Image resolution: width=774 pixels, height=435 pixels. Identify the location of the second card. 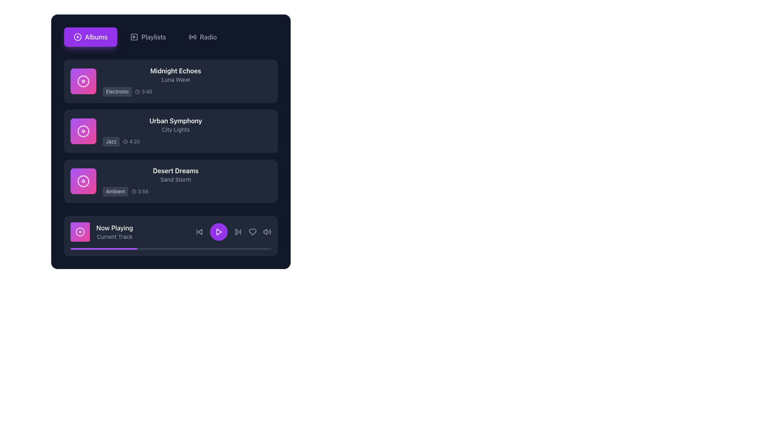
(170, 131).